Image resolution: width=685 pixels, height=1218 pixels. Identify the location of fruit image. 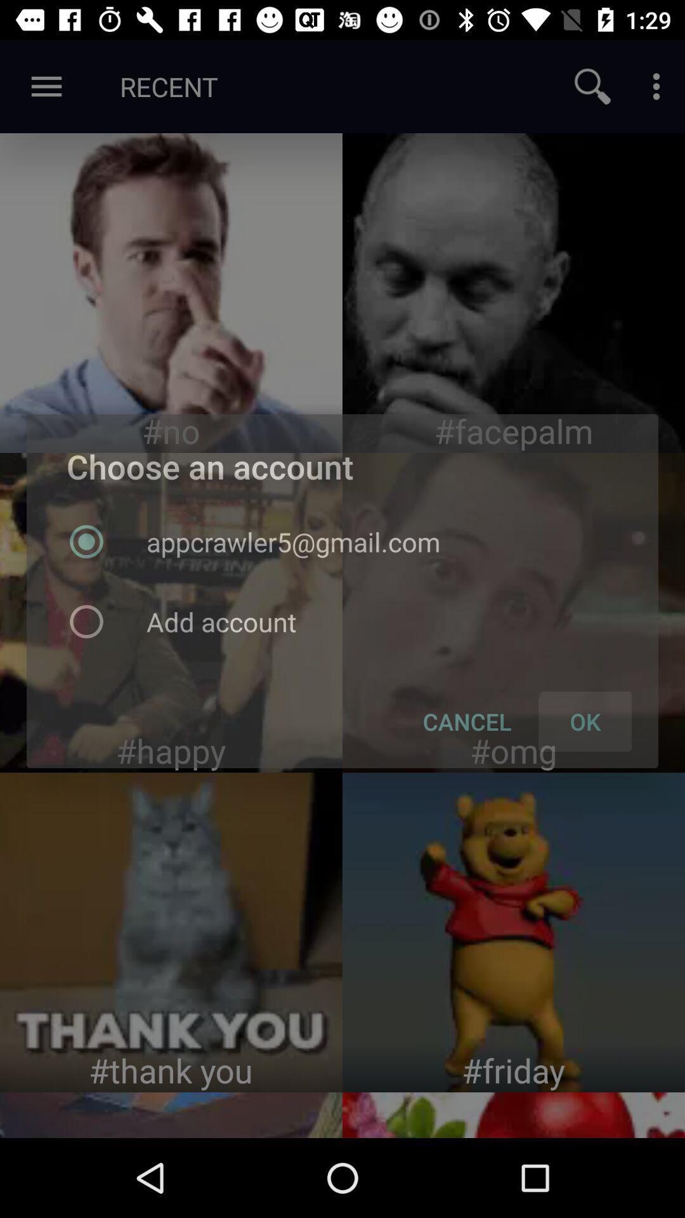
(514, 1114).